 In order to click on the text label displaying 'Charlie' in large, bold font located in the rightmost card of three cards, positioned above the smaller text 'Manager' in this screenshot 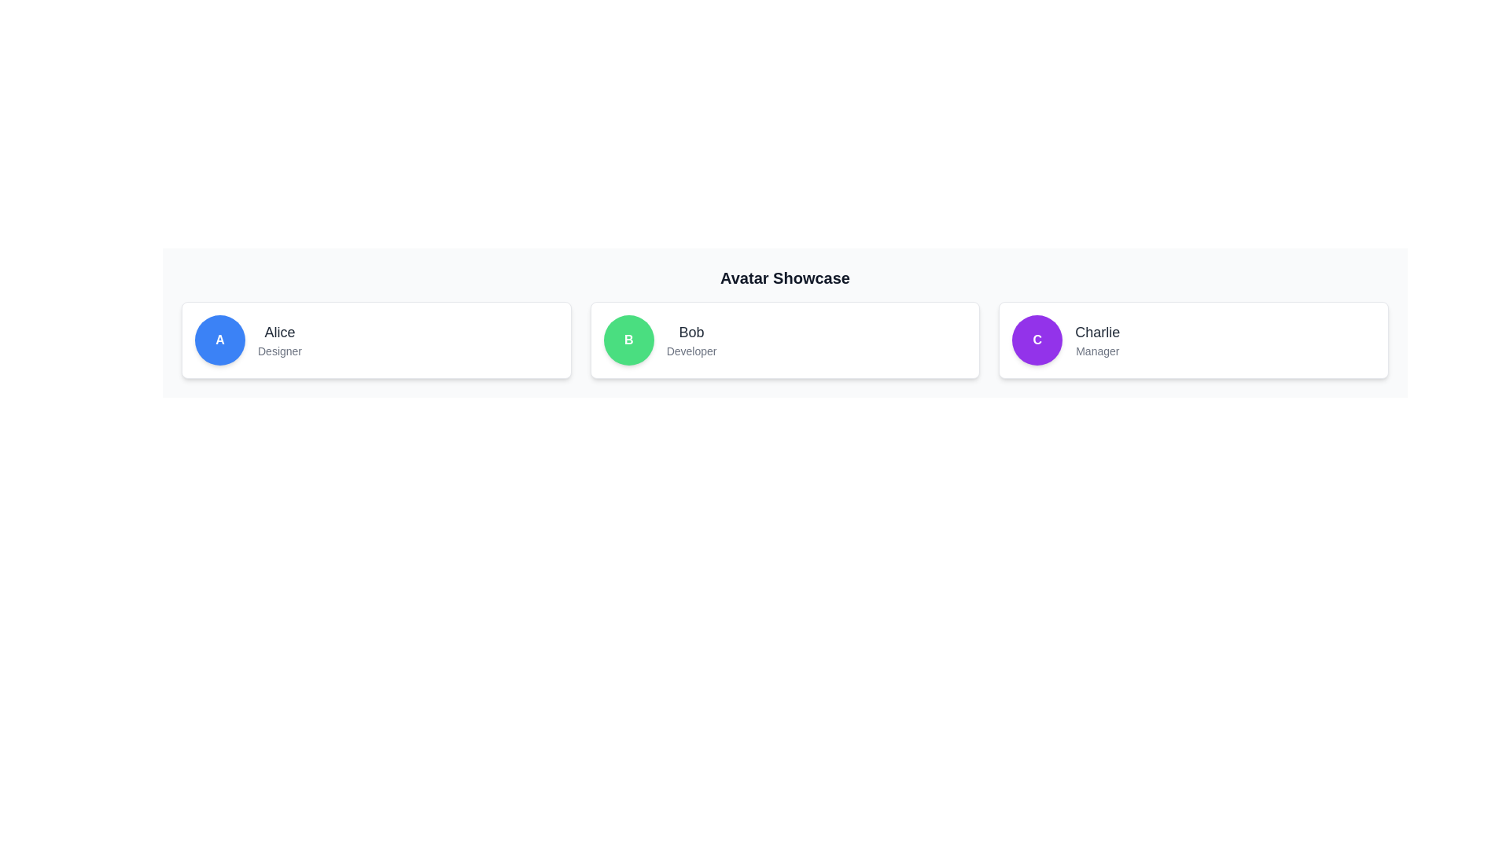, I will do `click(1096, 332)`.